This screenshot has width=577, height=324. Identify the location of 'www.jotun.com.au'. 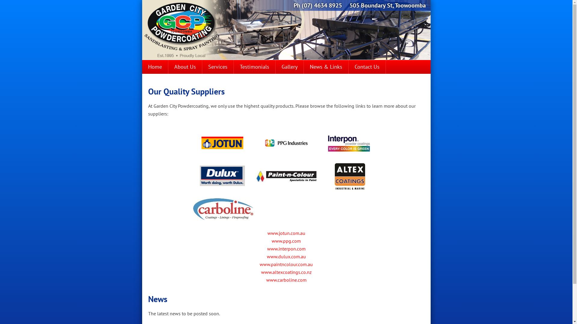
(286, 232).